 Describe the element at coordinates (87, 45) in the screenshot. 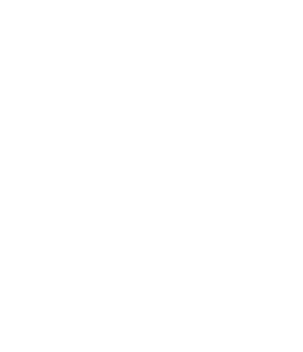

I see `'West Highland Way'` at that location.